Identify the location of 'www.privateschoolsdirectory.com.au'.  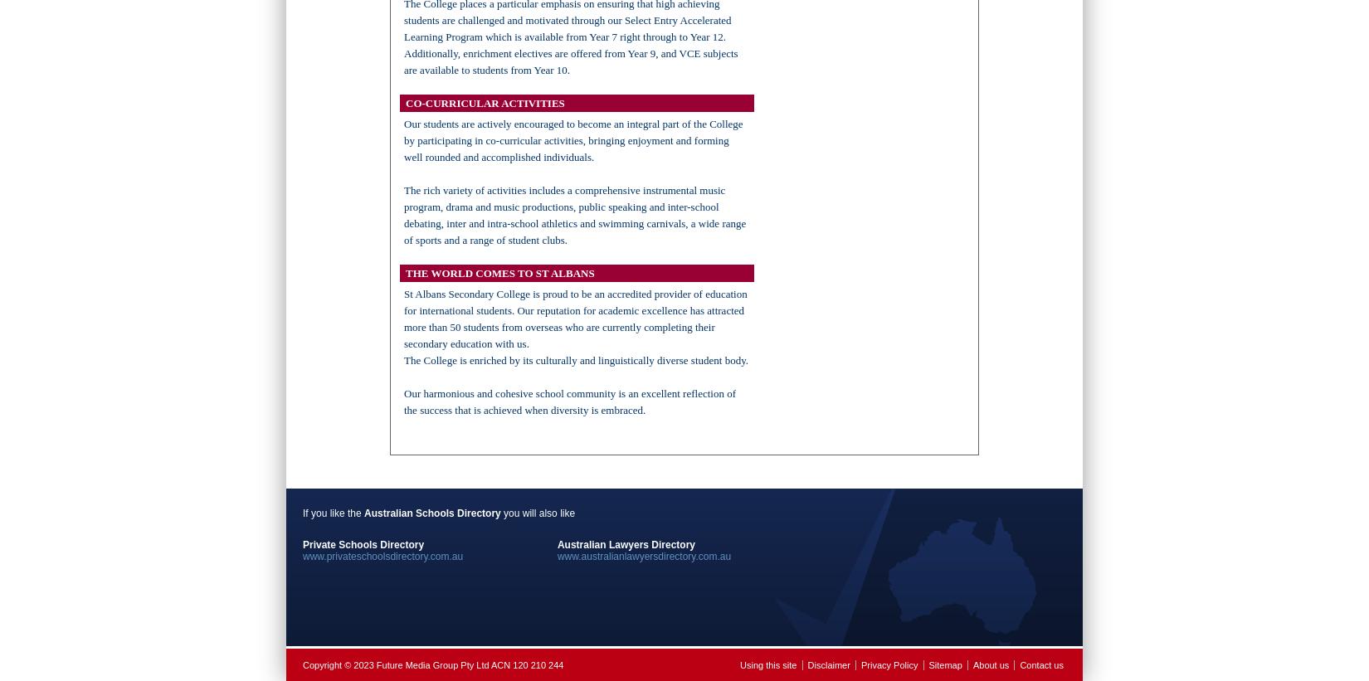
(382, 556).